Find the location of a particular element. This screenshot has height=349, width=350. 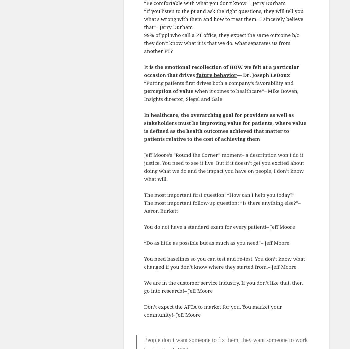

'In healthcare, the overarching goal for providers as well as stakeholders must be improving value for patients, where value is defined as the health outcomes achieved that matter to patients relative to the cost of achieving them' is located at coordinates (225, 126).